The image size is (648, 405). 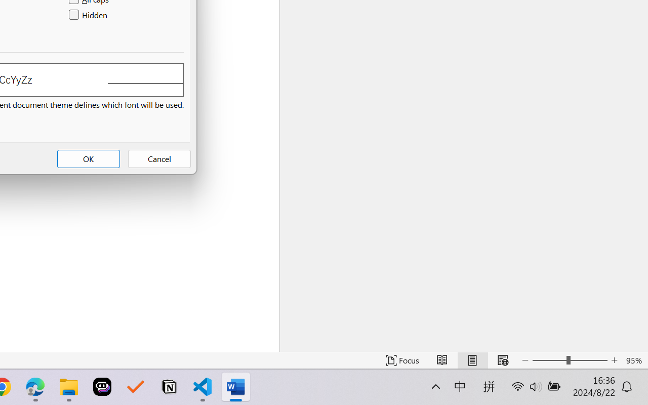 What do you see at coordinates (158, 158) in the screenshot?
I see `'Cancel'` at bounding box center [158, 158].